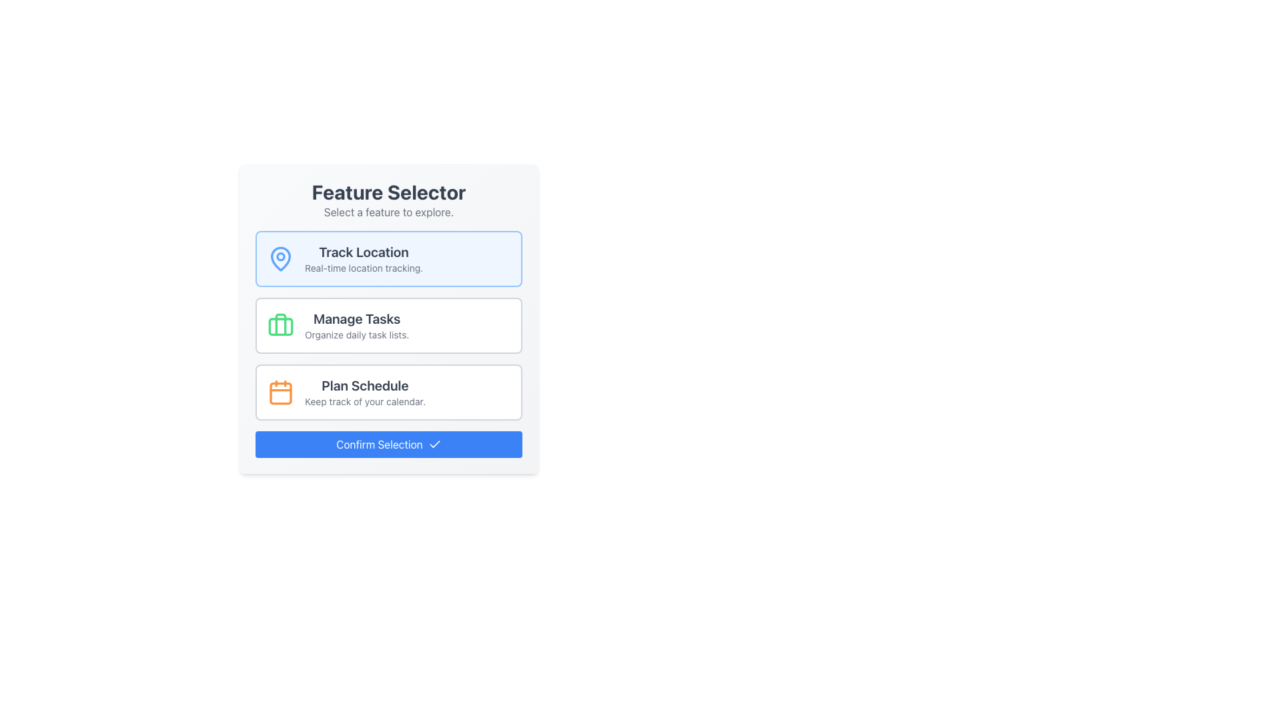 Image resolution: width=1281 pixels, height=721 pixels. Describe the element at coordinates (280, 326) in the screenshot. I see `the 'Manage Tasks' icon, located to the left of the text 'Manage Tasks' in the task management section` at that location.